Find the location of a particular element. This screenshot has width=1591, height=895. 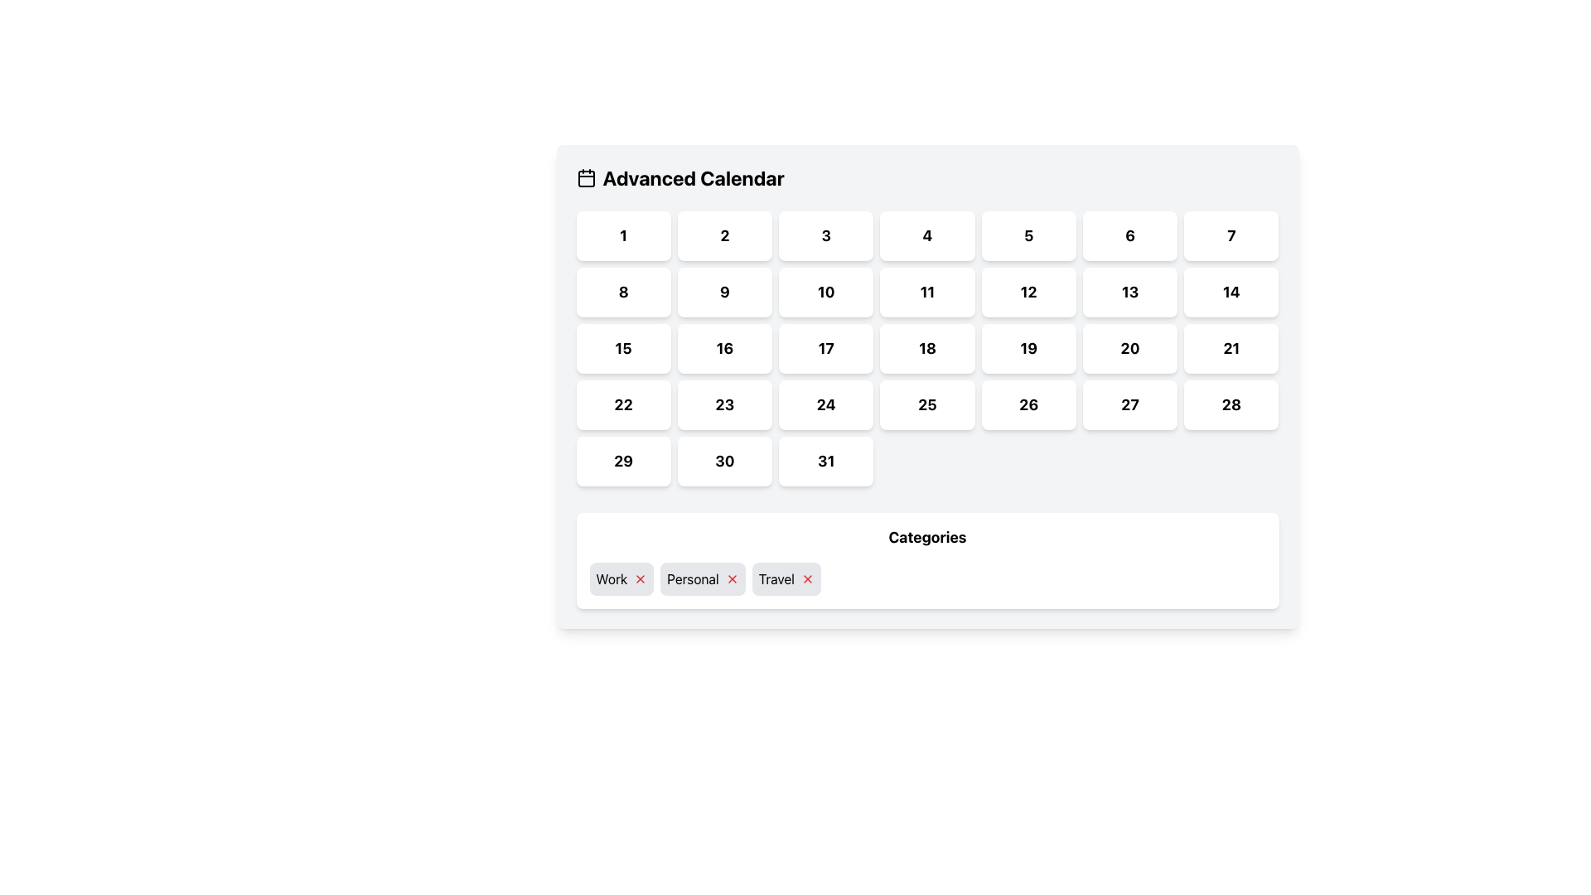

the calendar button representing the date '13' located in the second column and third row of the calendar grid is located at coordinates (1129, 292).